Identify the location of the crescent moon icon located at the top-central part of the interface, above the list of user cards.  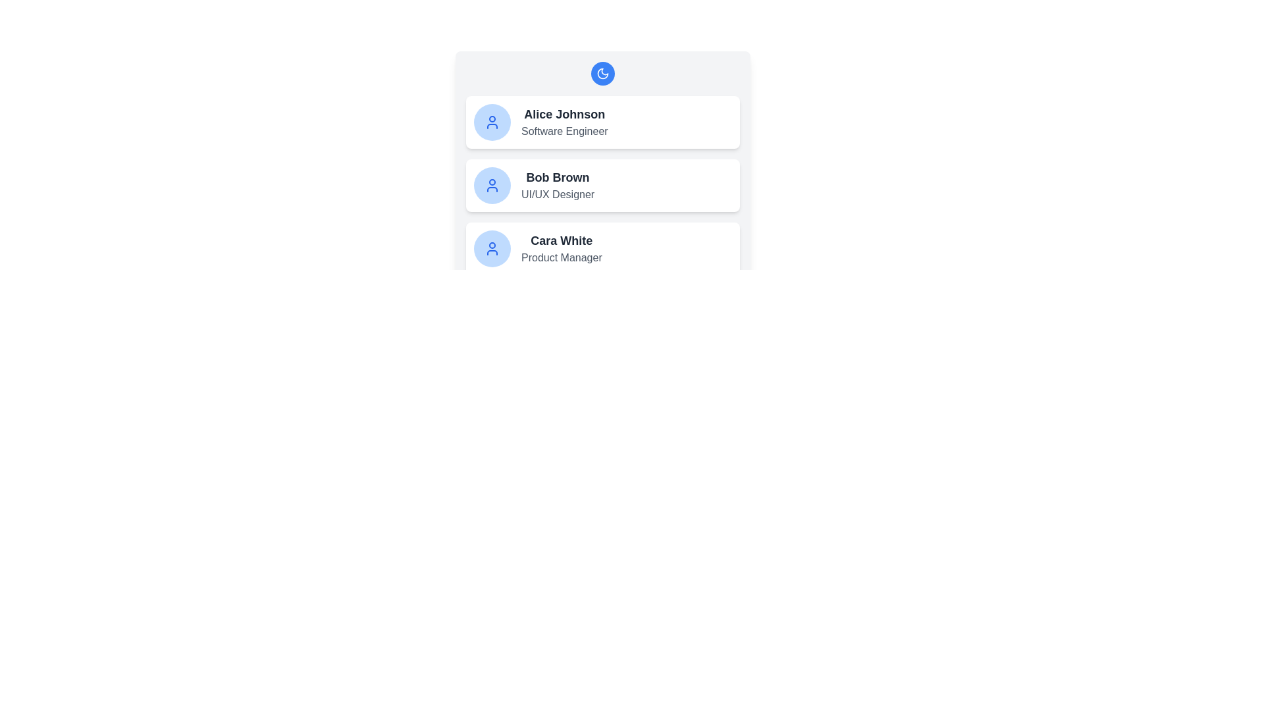
(602, 73).